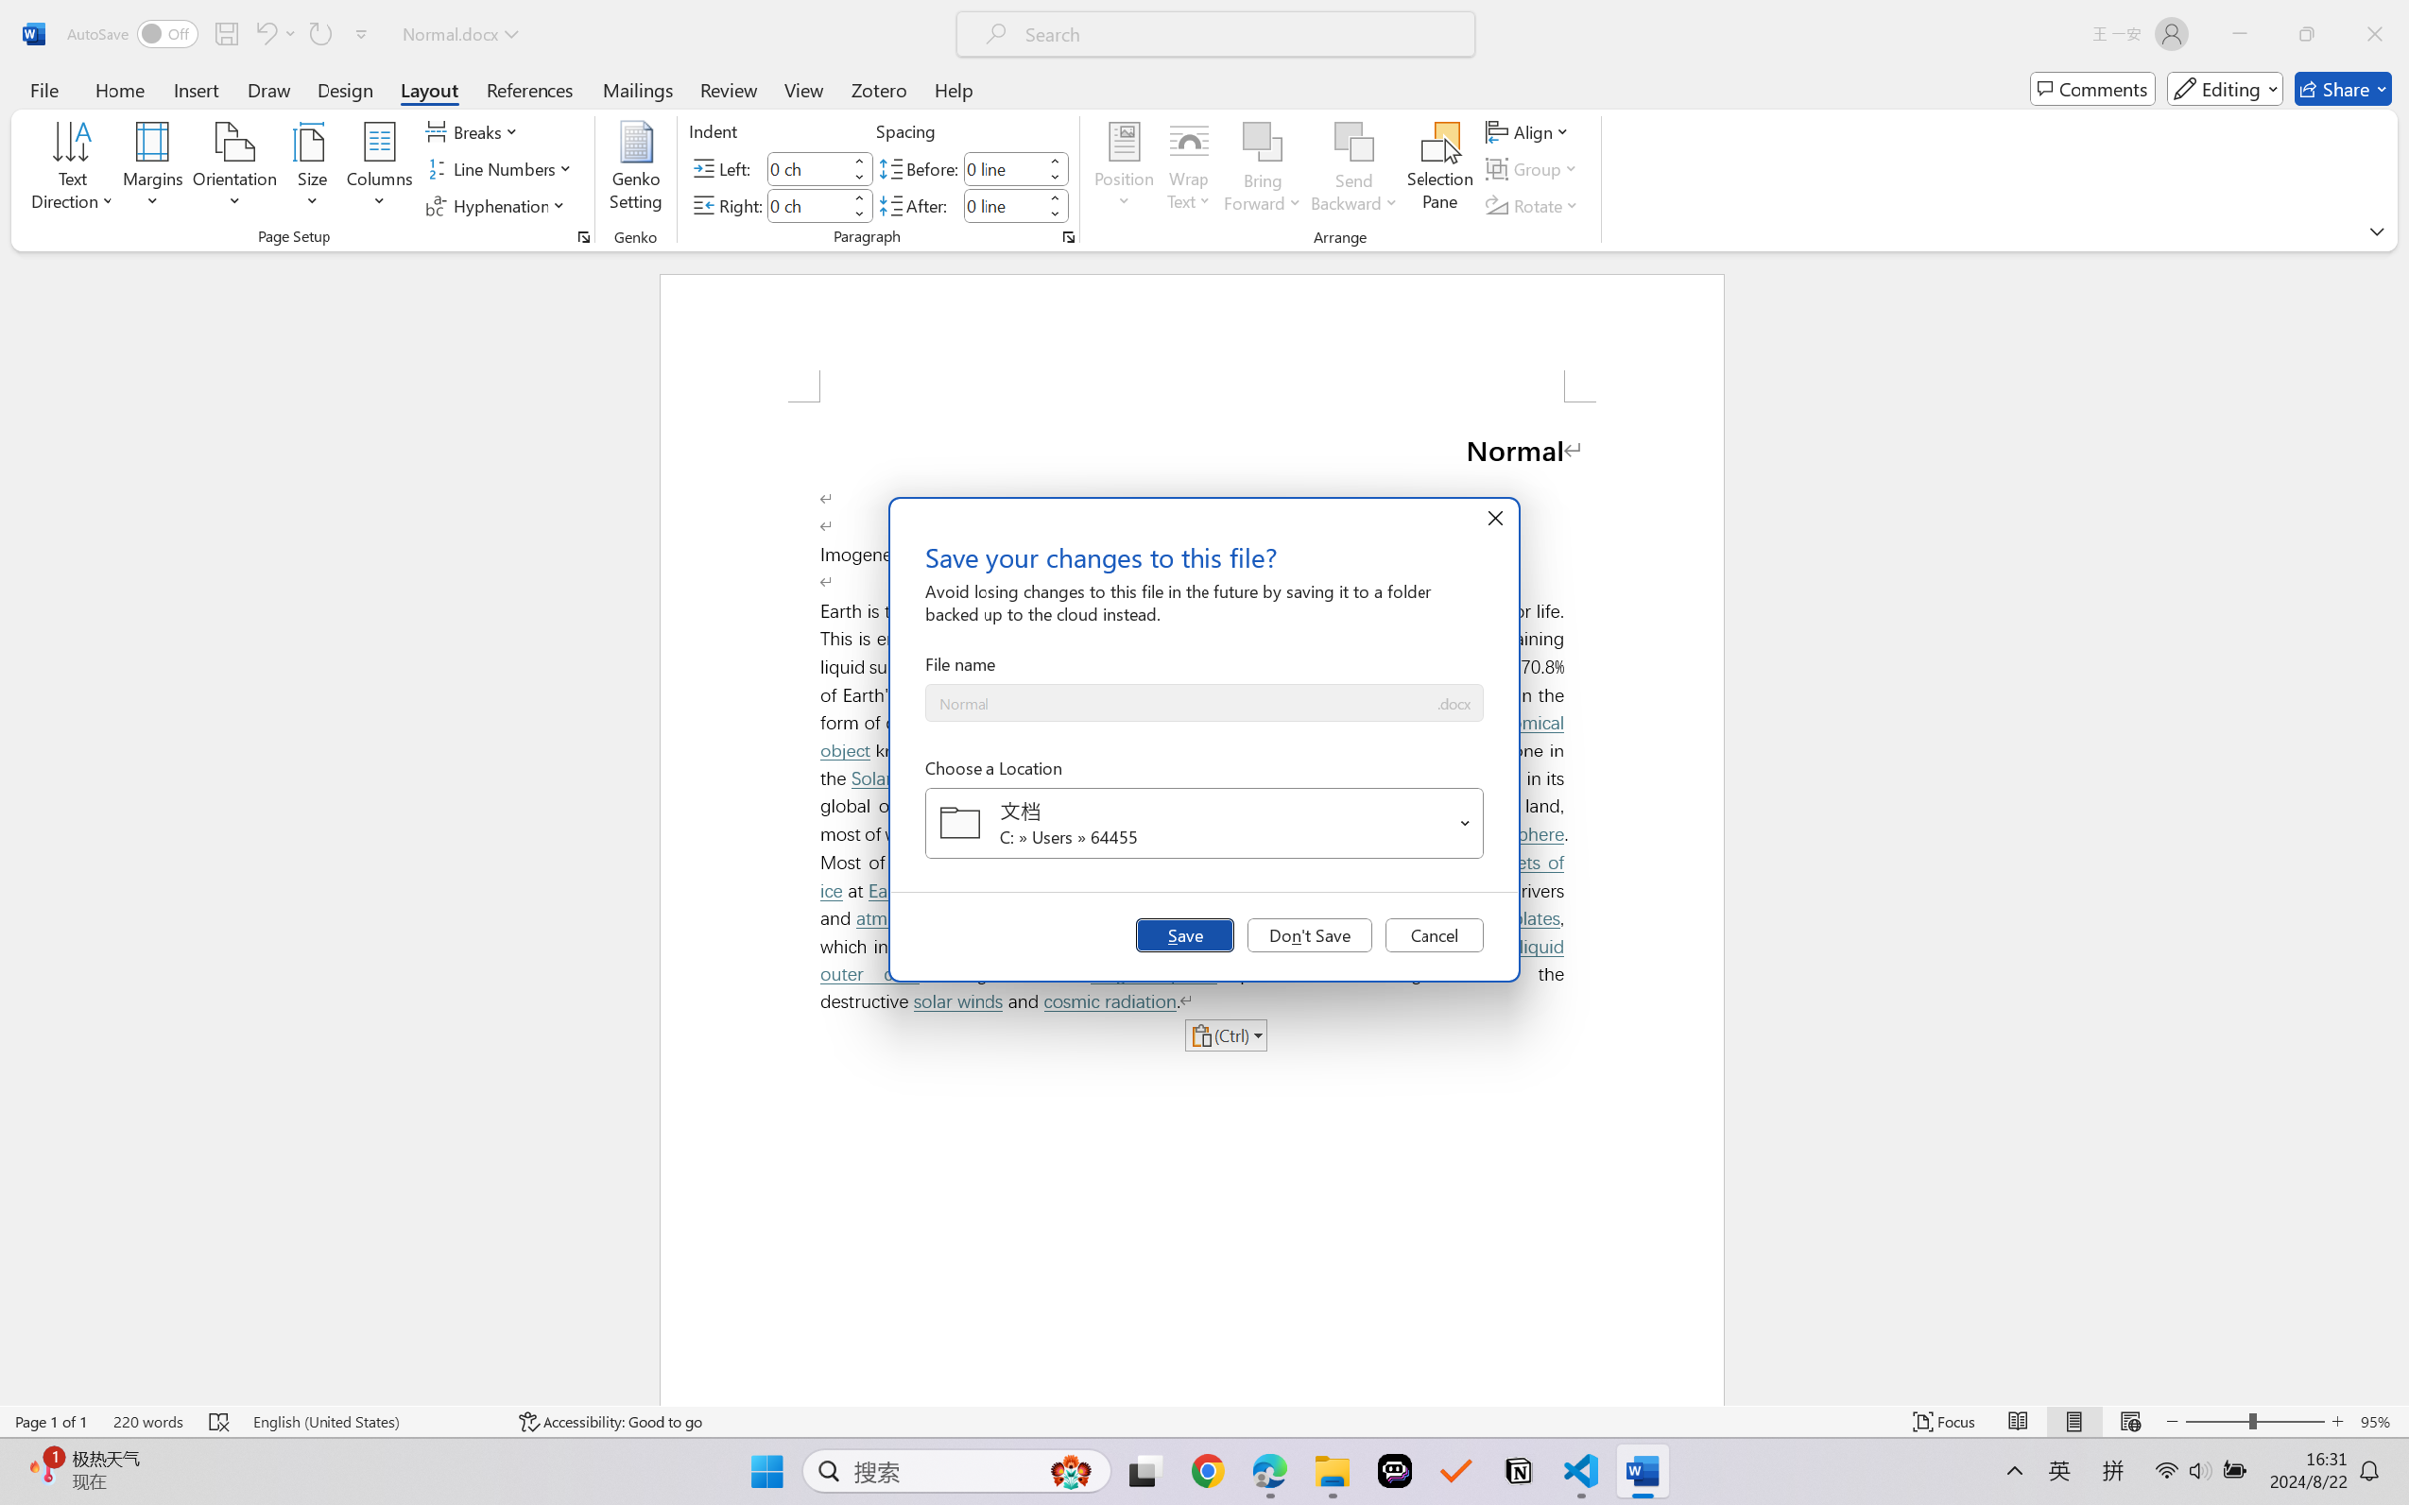  I want to click on 'Position', so click(1123, 169).